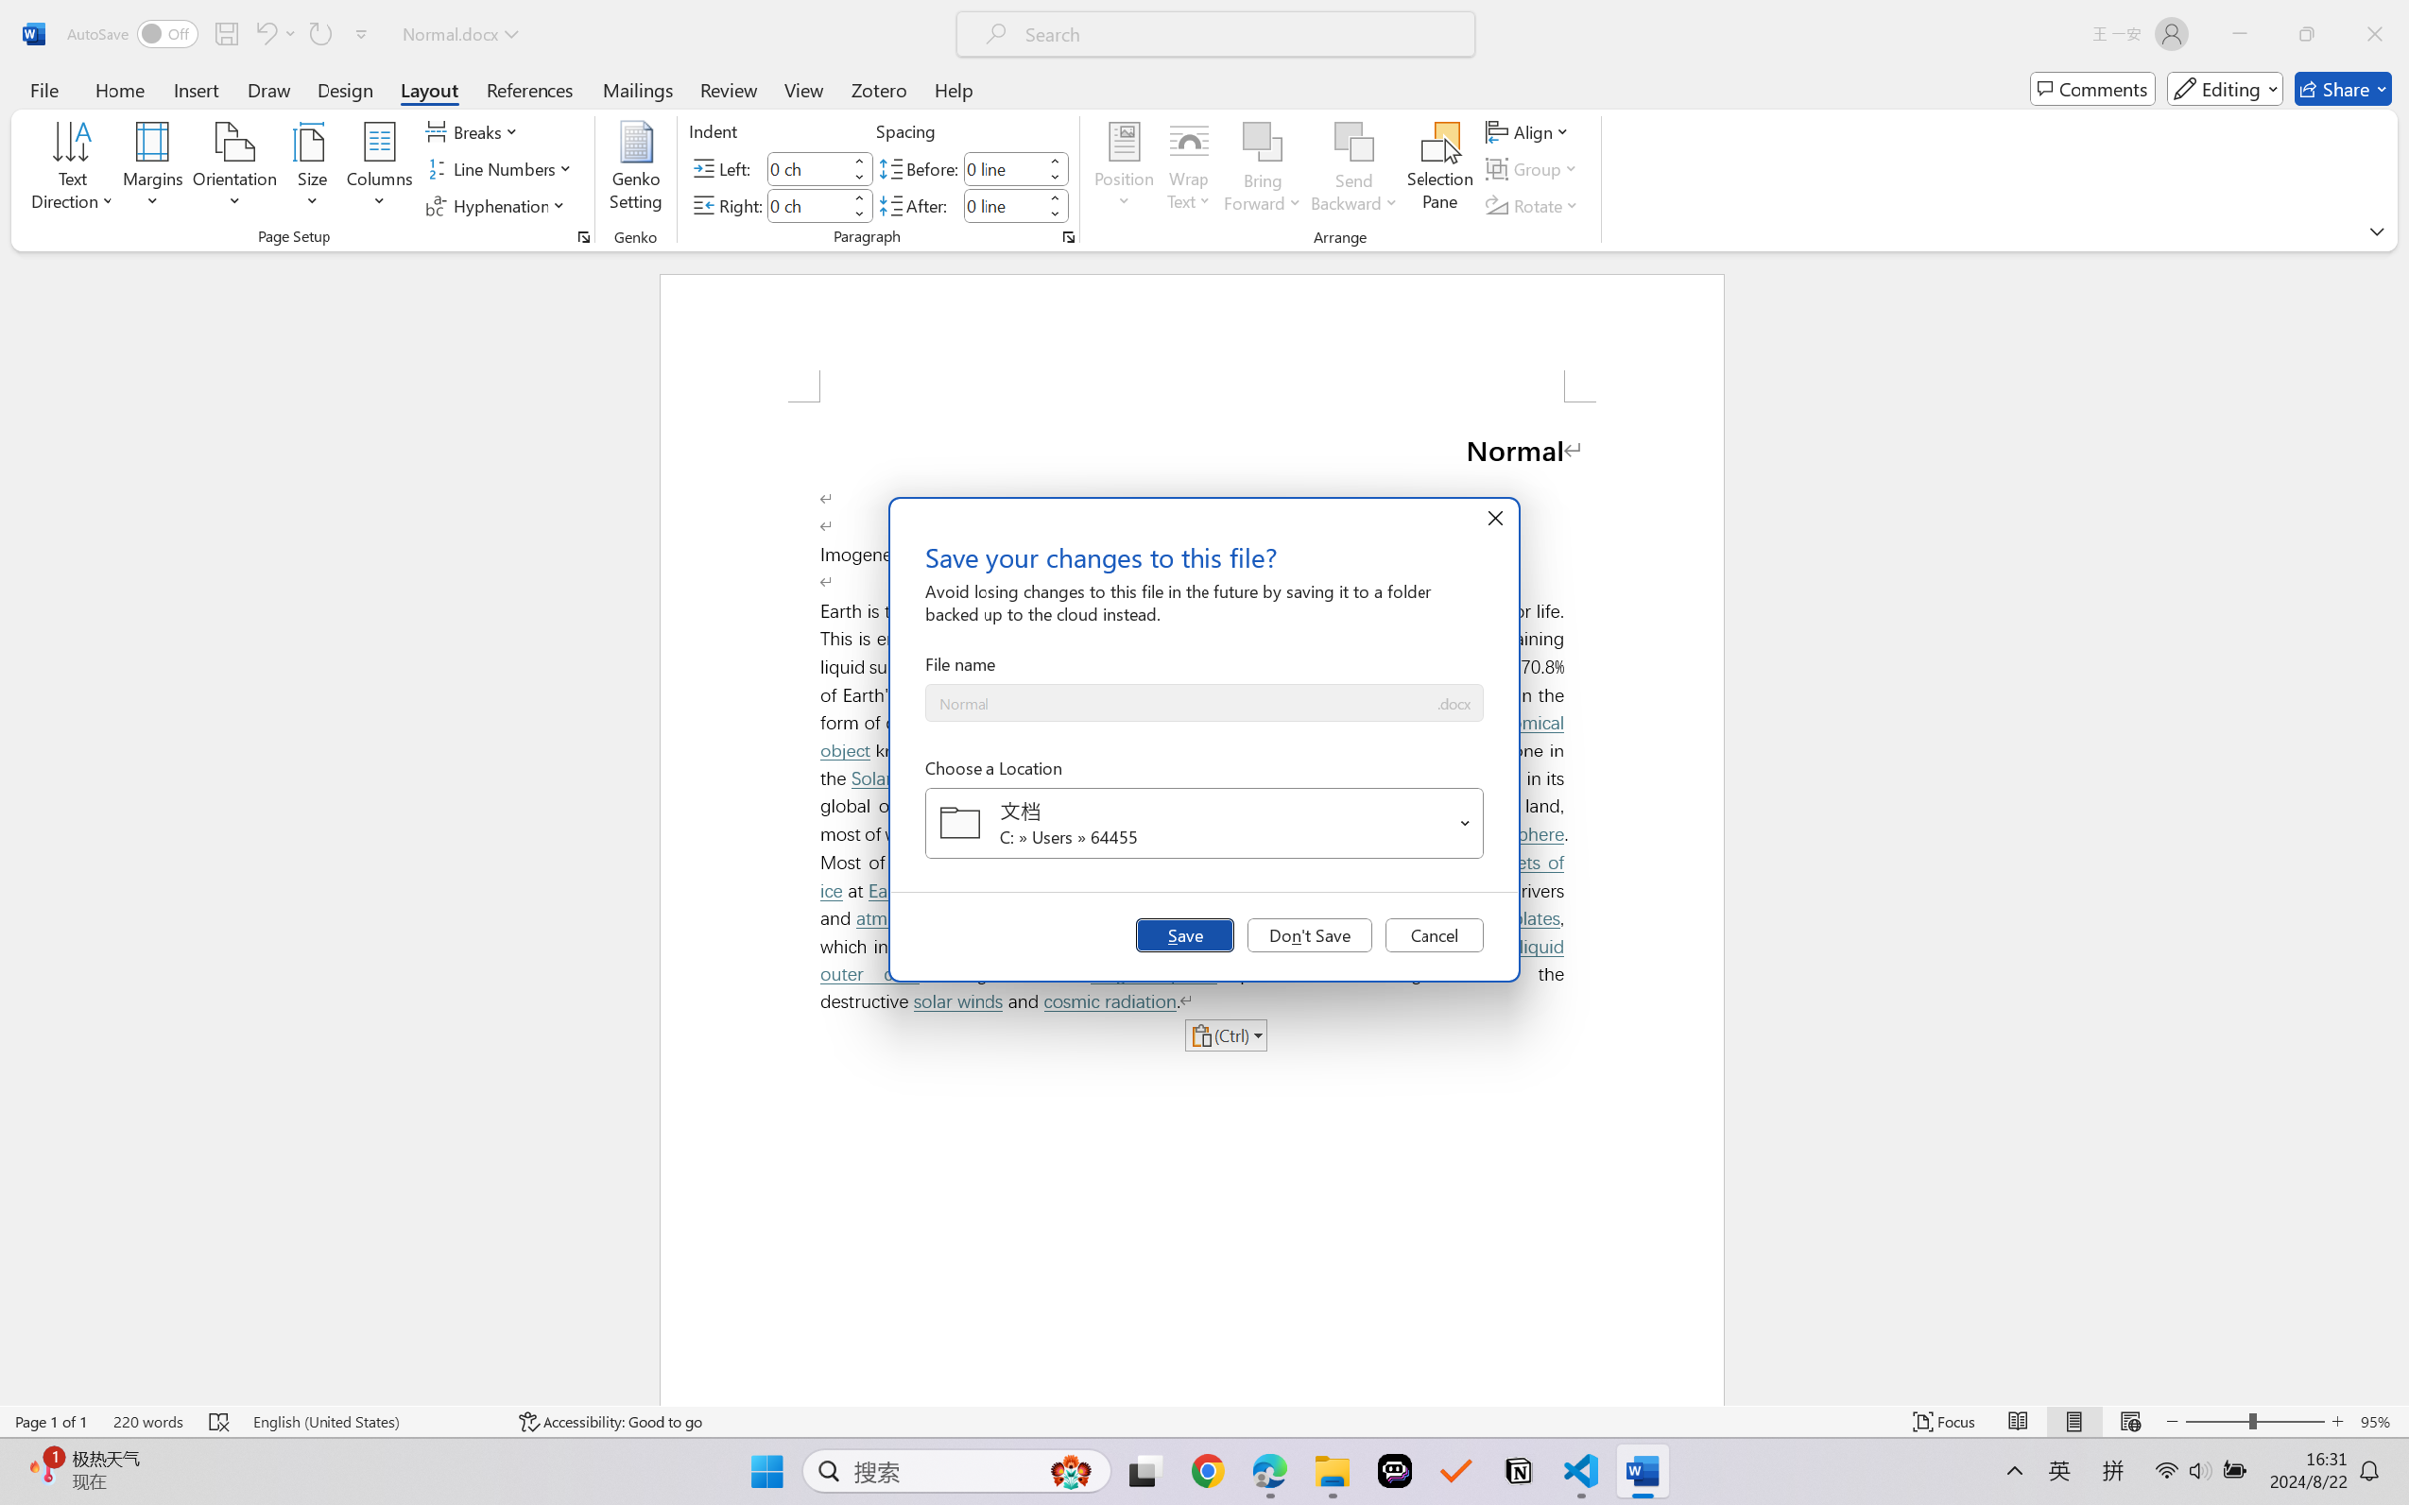  I want to click on 'Position', so click(1123, 169).